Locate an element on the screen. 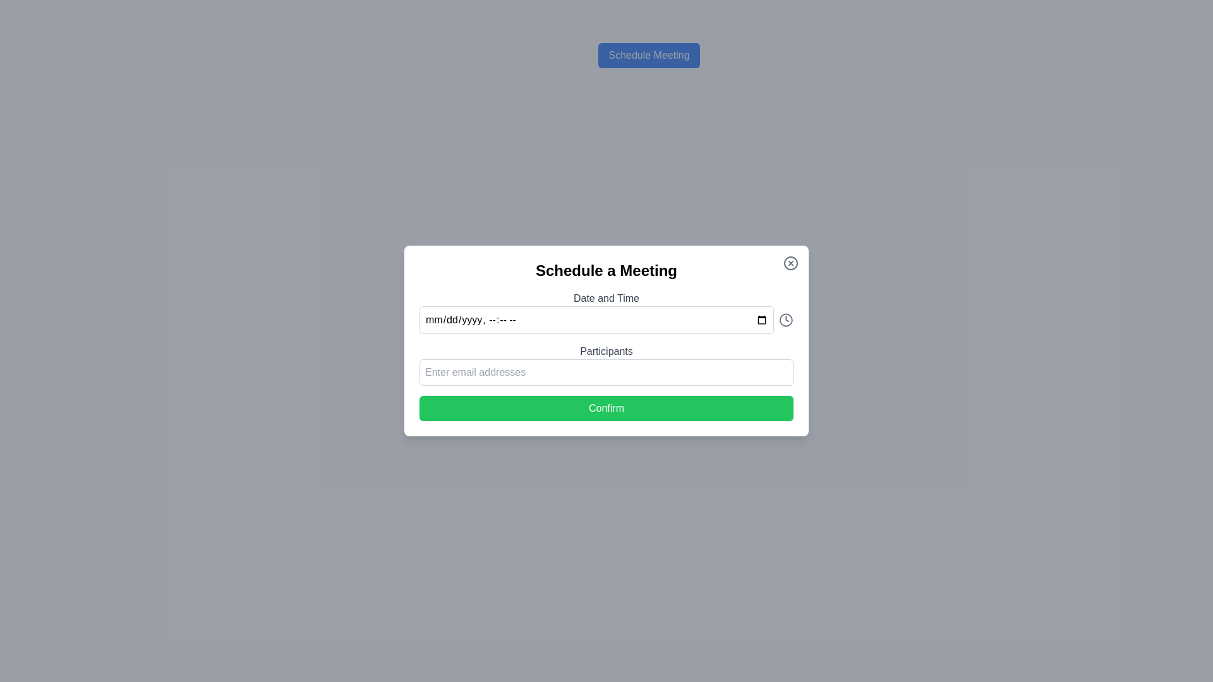 The image size is (1213, 682). the input field for specifying participants in the 'Schedule a Meeting' modal to focus on it is located at coordinates (606, 365).